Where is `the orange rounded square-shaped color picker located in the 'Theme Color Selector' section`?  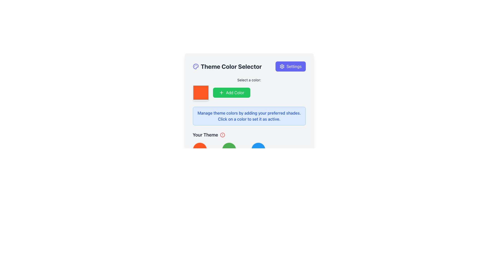 the orange rounded square-shaped color picker located in the 'Theme Color Selector' section is located at coordinates (200, 92).